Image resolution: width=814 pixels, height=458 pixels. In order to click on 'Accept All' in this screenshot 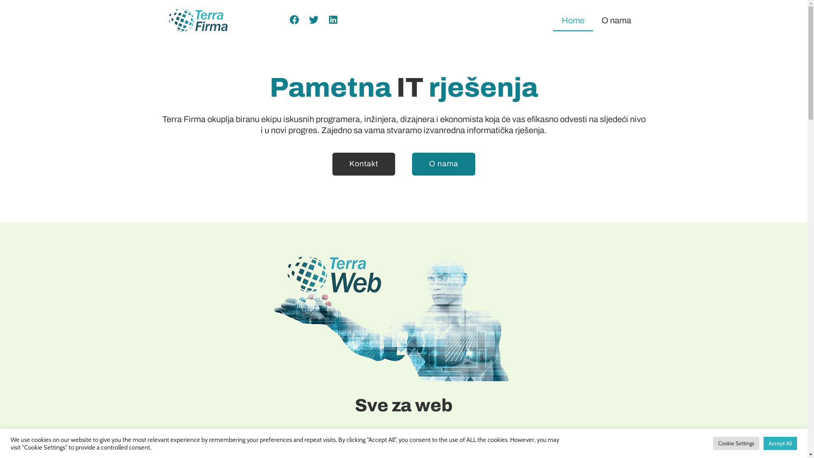, I will do `click(780, 443)`.